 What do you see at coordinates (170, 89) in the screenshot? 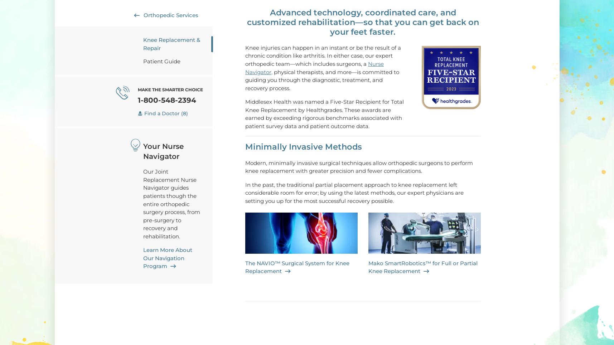
I see `'Make the smarter choice'` at bounding box center [170, 89].